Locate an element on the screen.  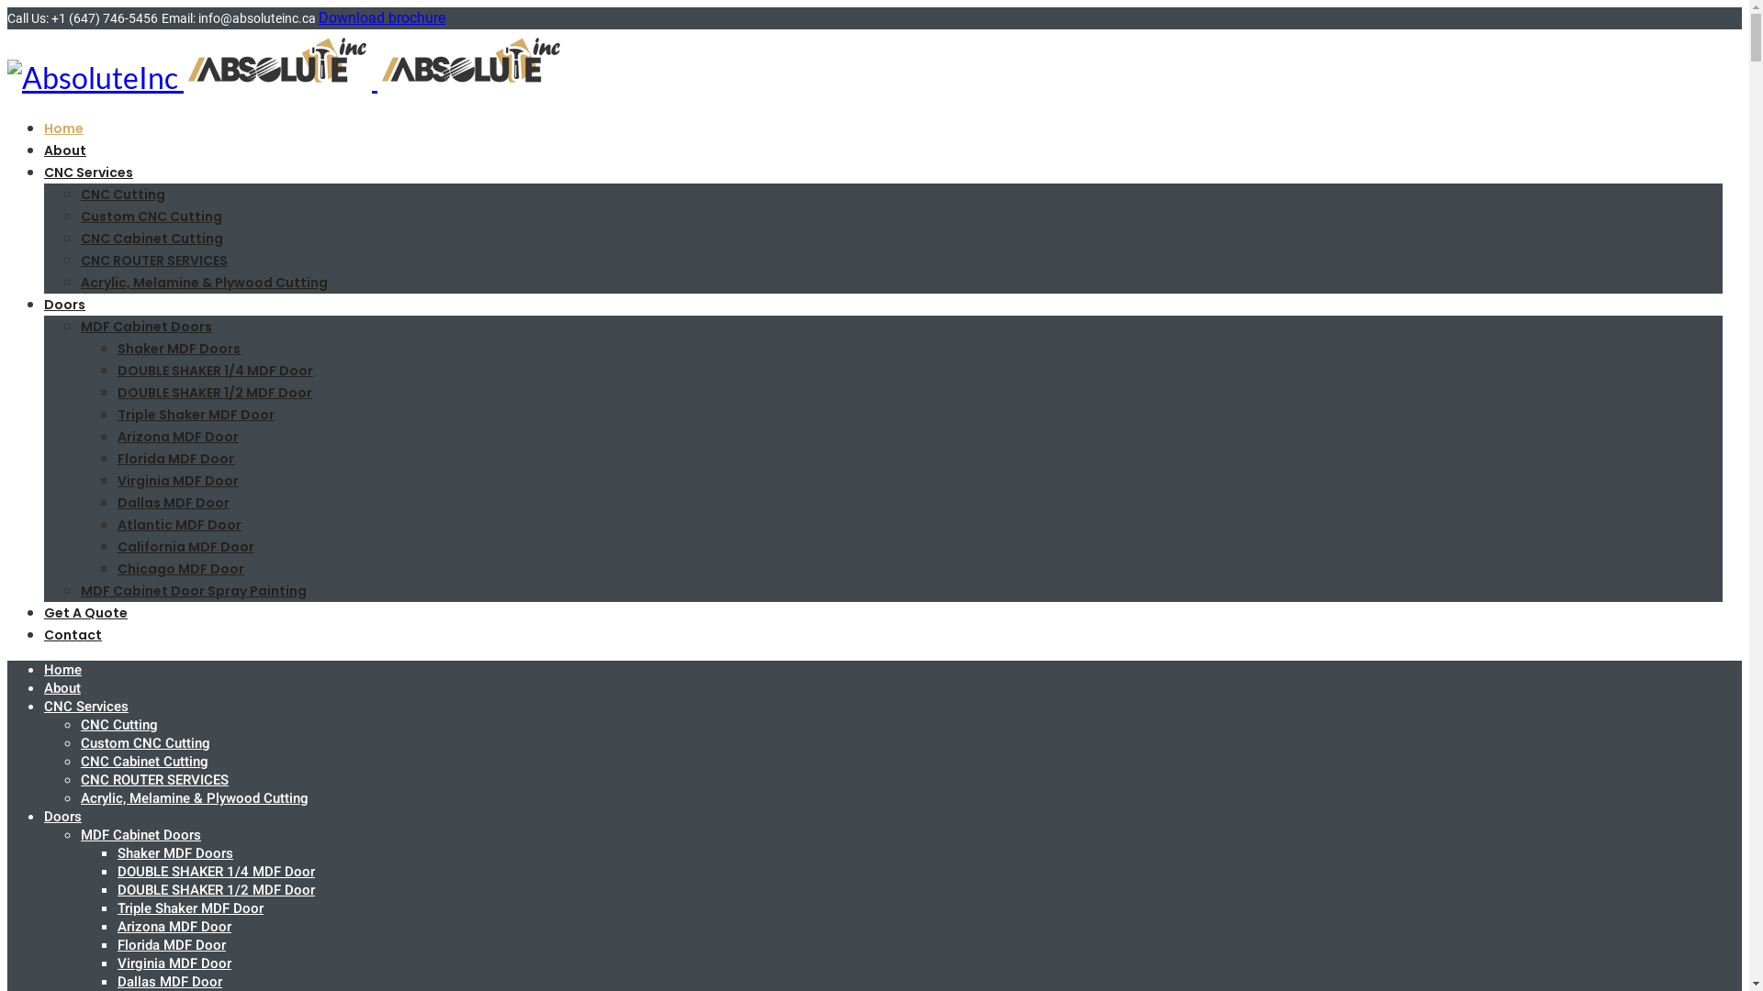
'Atlantic MDF Door' is located at coordinates (179, 524).